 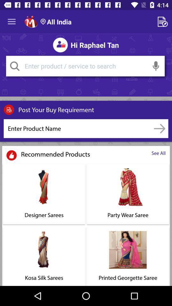 What do you see at coordinates (44, 187) in the screenshot?
I see `the image which is above designer sarees` at bounding box center [44, 187].